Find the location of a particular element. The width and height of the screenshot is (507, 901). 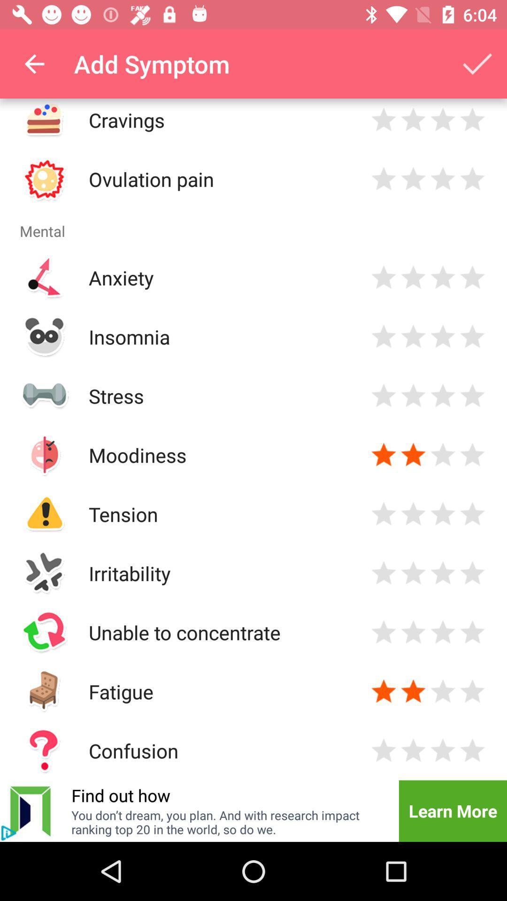

evaluation is located at coordinates (472, 336).